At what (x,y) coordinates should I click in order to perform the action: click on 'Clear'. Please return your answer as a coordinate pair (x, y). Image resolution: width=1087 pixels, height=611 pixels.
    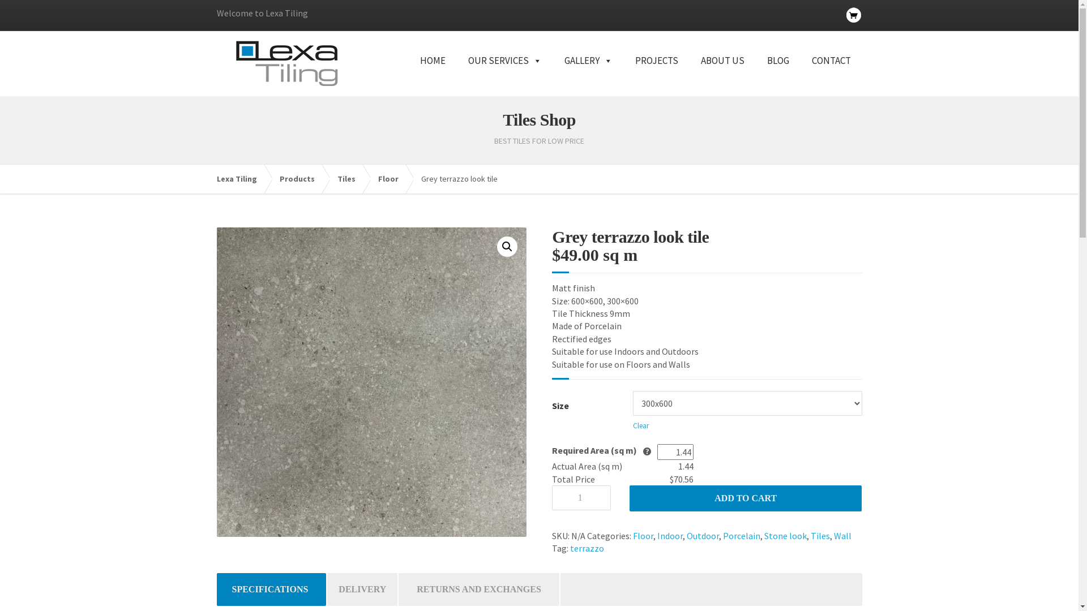
    Looking at the image, I should click on (641, 425).